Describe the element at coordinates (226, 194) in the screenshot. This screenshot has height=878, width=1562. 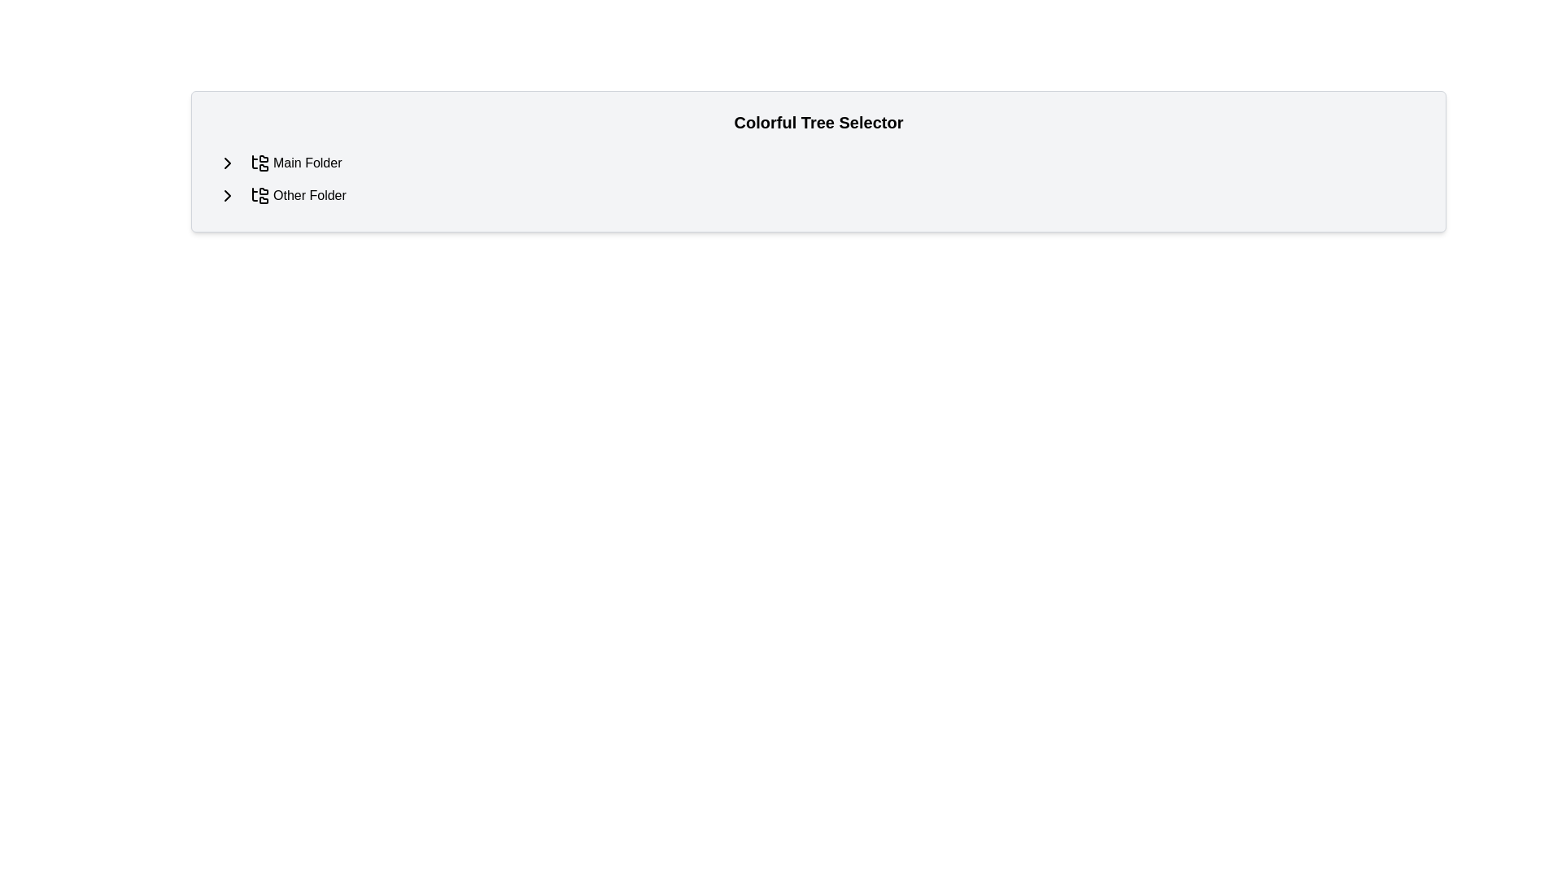
I see `the toggle button located to the immediate left of the text 'Other Folder' in the folder tree structure` at that location.